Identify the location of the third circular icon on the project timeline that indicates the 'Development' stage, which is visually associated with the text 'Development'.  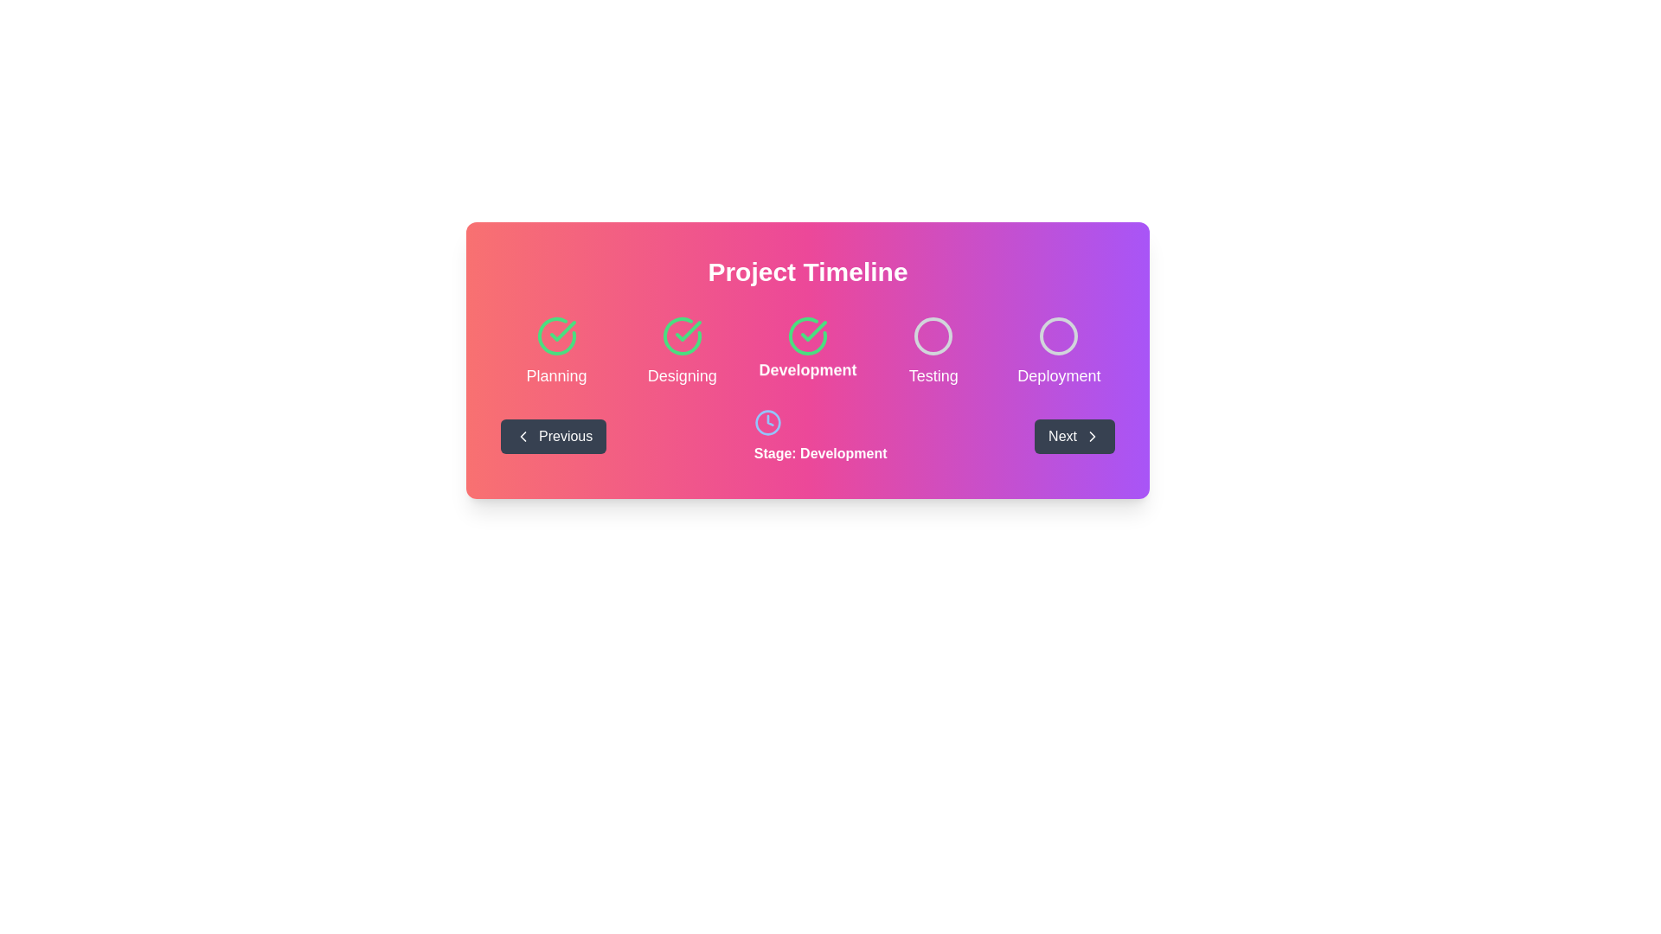
(806, 336).